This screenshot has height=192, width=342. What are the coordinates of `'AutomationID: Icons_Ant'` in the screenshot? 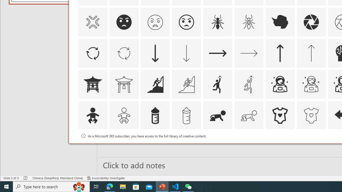 It's located at (218, 22).